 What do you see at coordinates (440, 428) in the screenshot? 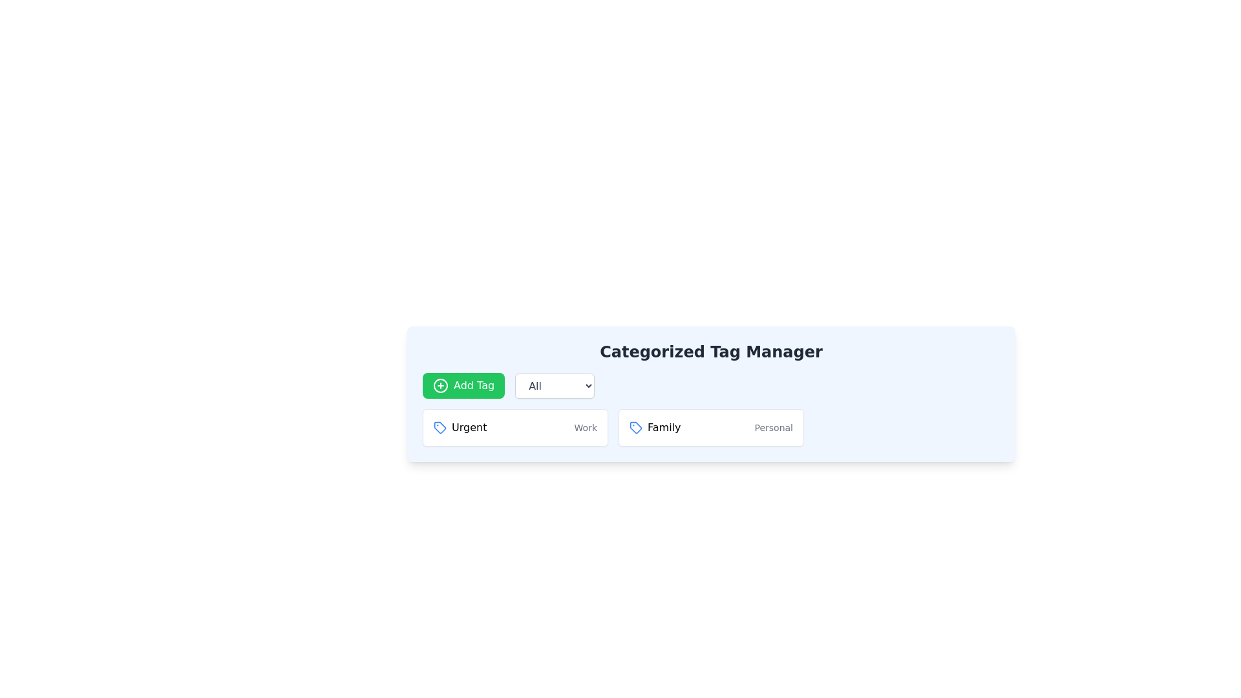
I see `the blue tag-shaped icon, which is part of the 'Urgent' label group, located on the leftmost side of the tag categories section` at bounding box center [440, 428].